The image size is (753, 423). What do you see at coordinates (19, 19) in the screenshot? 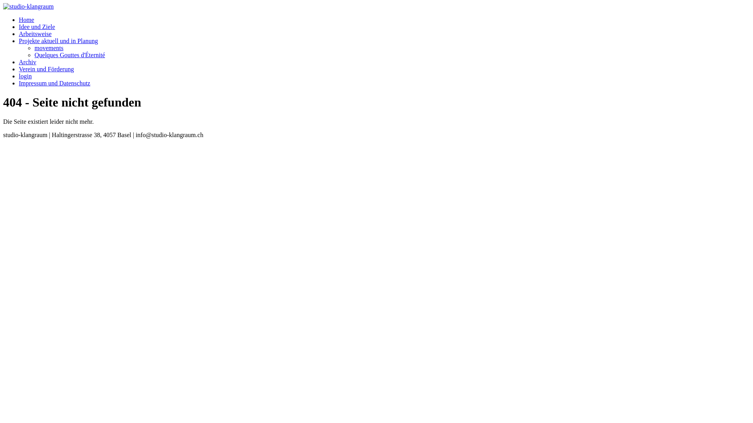
I see `'Home'` at bounding box center [19, 19].